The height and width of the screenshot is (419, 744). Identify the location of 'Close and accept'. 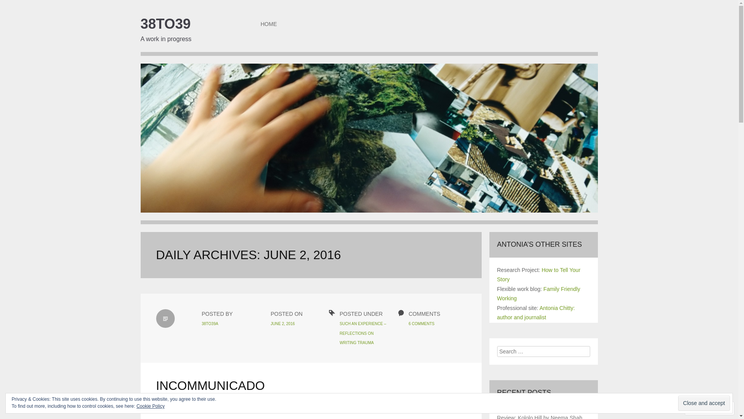
(704, 403).